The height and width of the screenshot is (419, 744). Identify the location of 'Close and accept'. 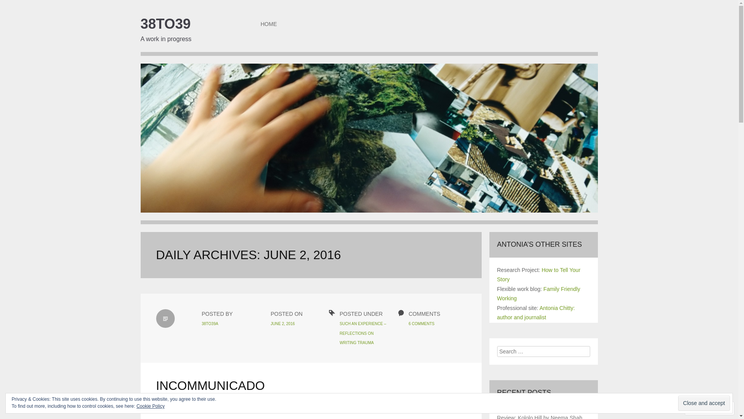
(704, 403).